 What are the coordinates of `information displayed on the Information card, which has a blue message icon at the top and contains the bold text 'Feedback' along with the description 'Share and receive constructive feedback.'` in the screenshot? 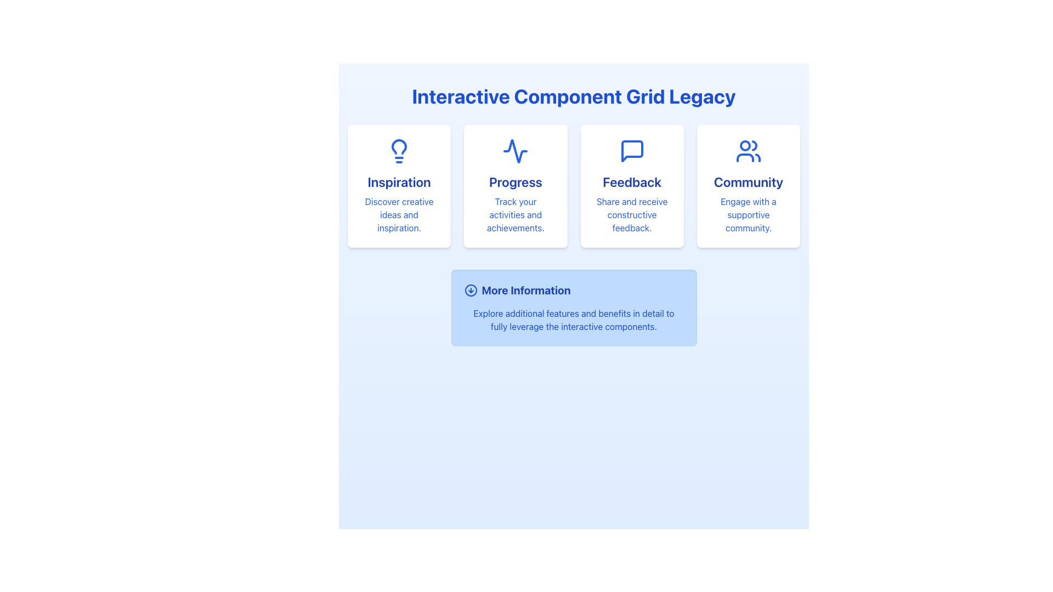 It's located at (632, 185).